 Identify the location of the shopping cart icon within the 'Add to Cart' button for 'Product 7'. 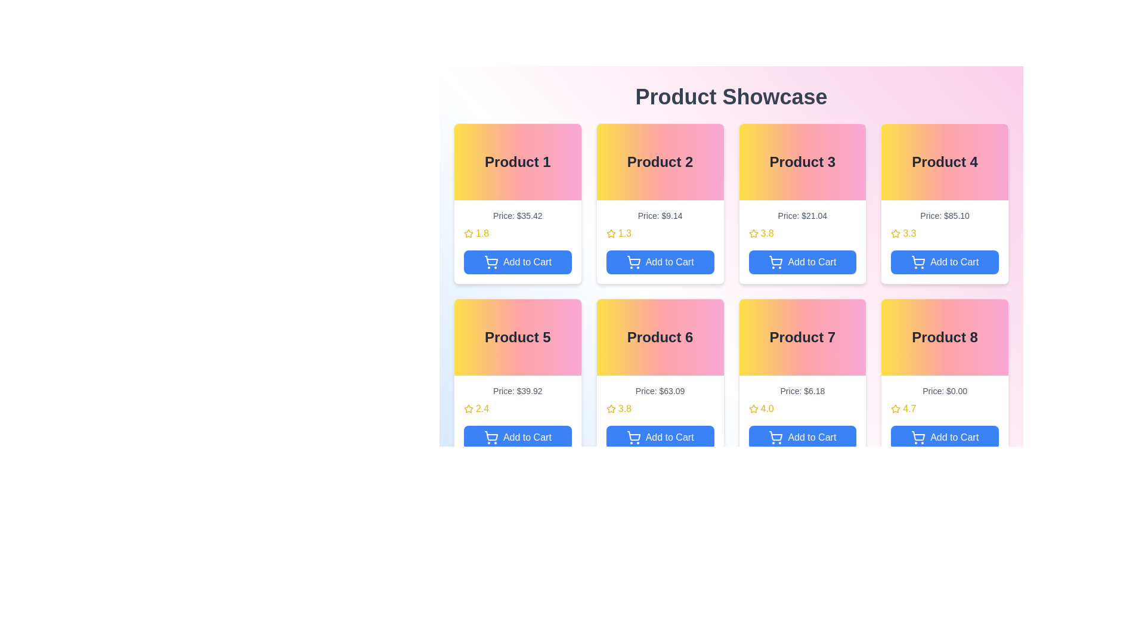
(776, 437).